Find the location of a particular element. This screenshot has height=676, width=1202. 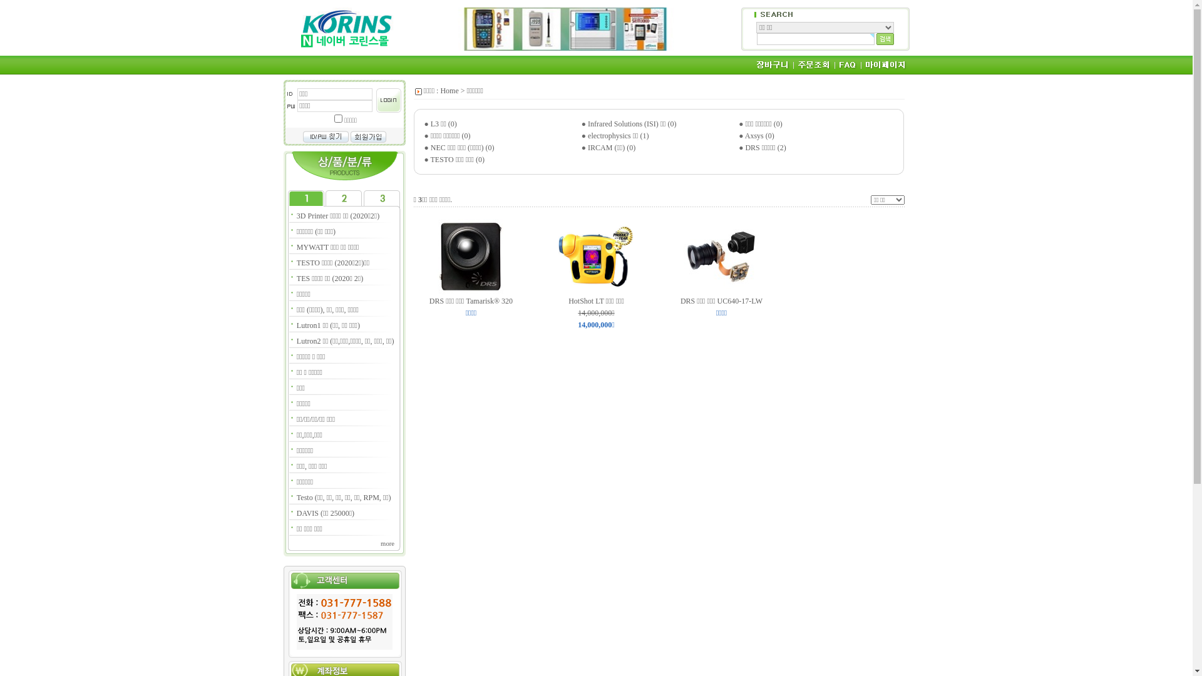

'Axsys (0)' is located at coordinates (759, 135).